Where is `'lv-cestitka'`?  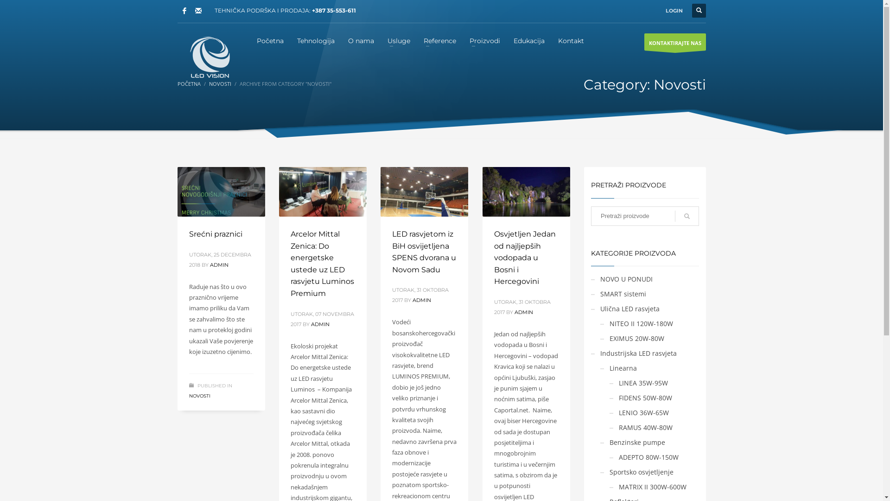 'lv-cestitka' is located at coordinates (220, 191).